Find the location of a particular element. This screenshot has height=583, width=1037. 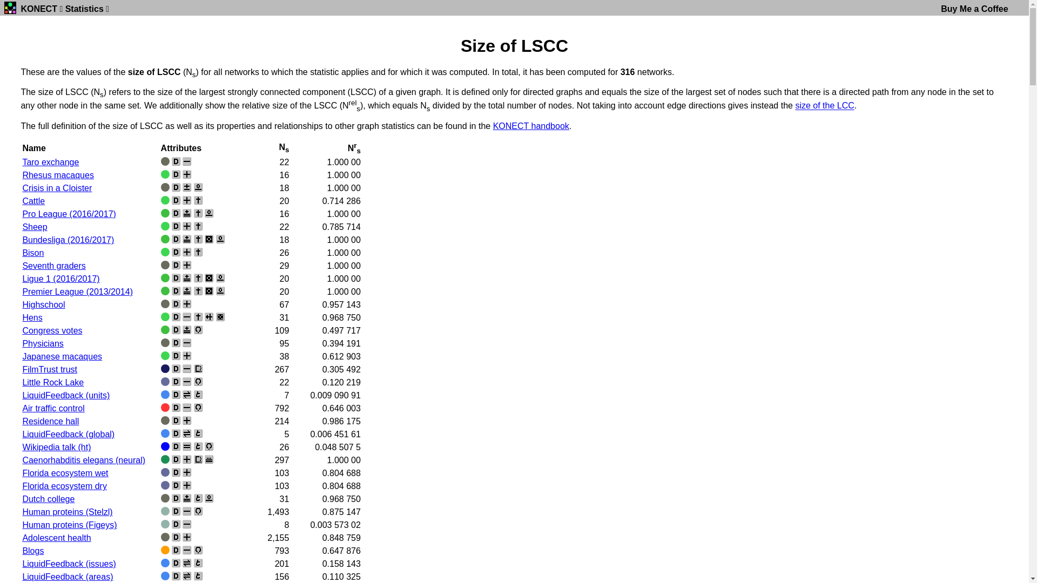

'Residence hall' is located at coordinates (50, 421).